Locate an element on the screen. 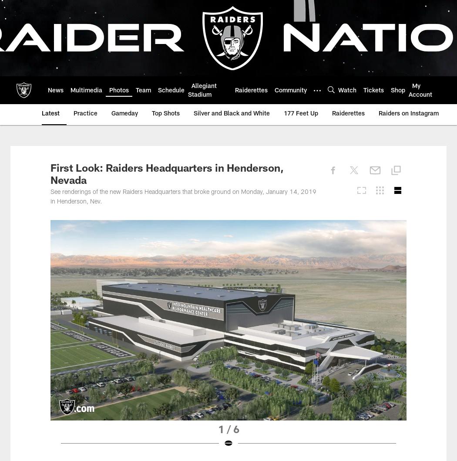  'News' is located at coordinates (55, 91).